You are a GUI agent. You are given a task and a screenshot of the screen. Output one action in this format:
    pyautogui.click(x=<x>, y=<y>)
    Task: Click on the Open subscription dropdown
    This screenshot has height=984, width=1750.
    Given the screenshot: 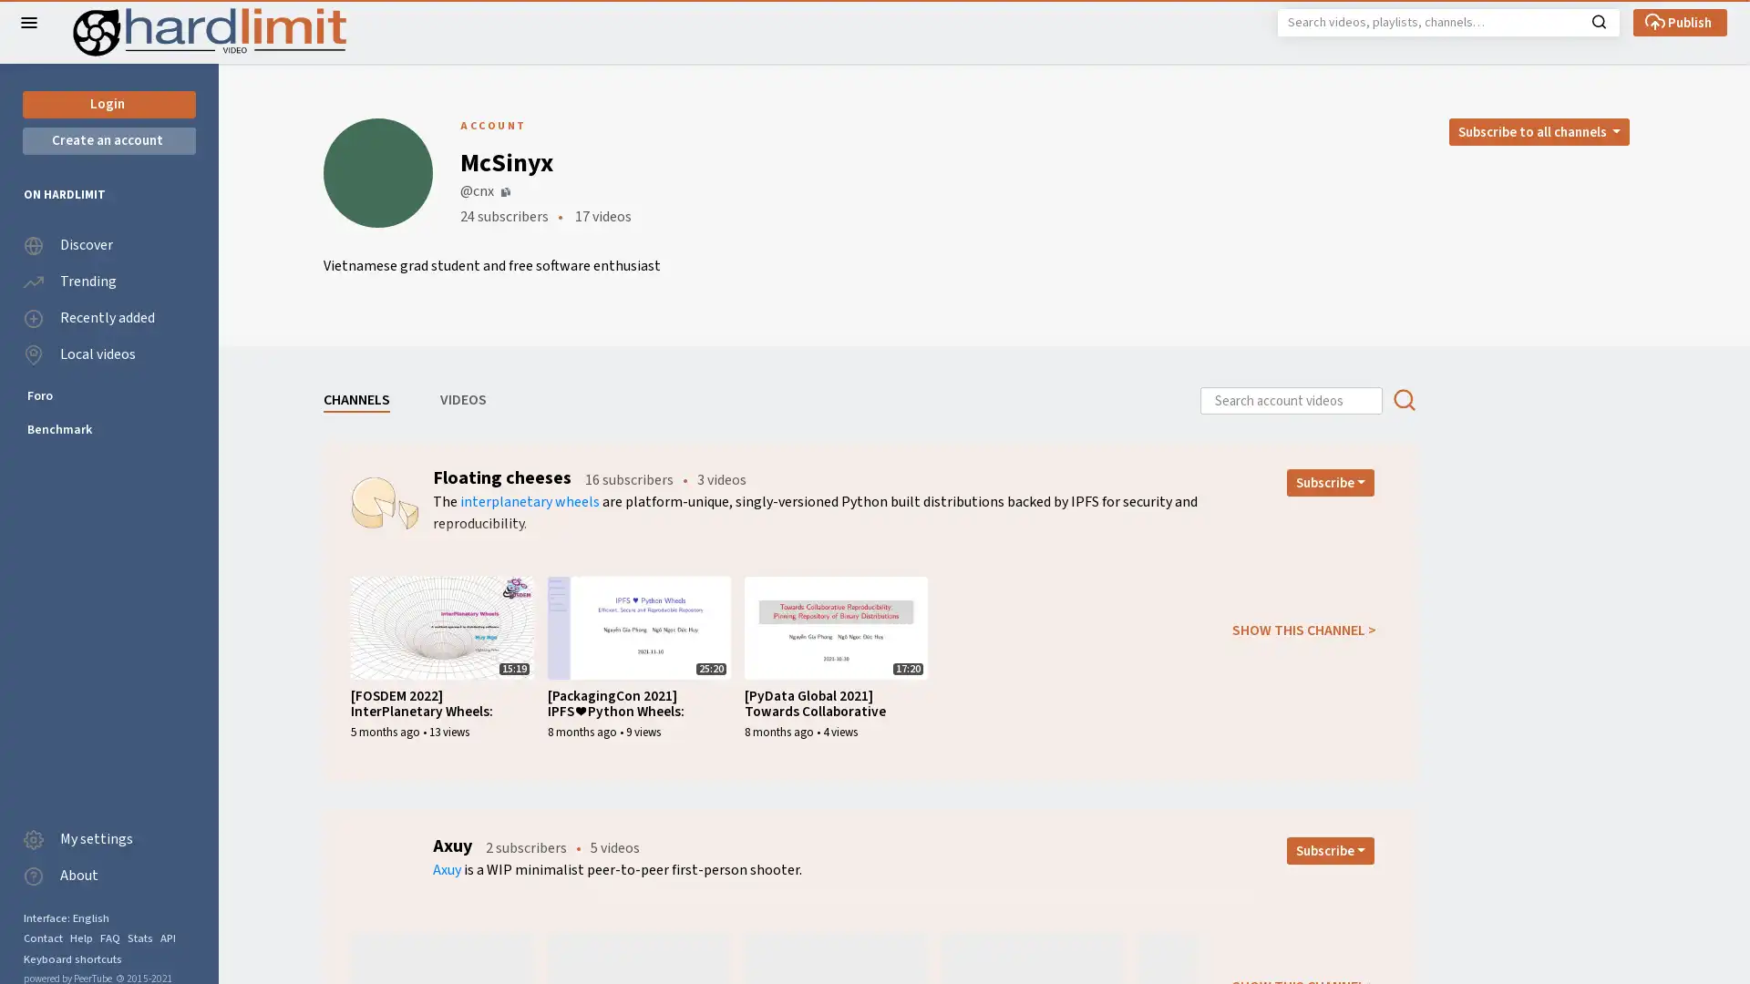 What is the action you would take?
    pyautogui.click(x=1330, y=850)
    